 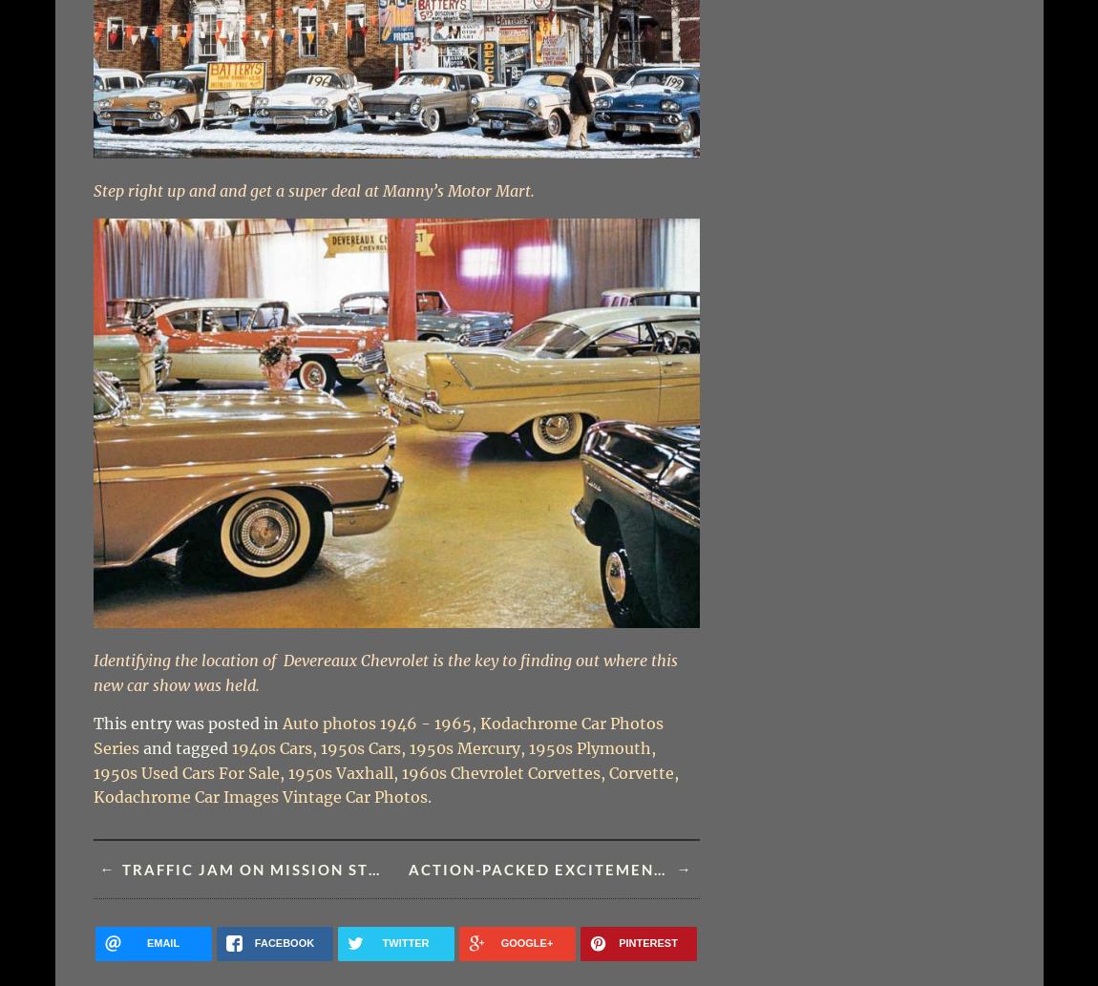 I want to click on 'email', so click(x=144, y=941).